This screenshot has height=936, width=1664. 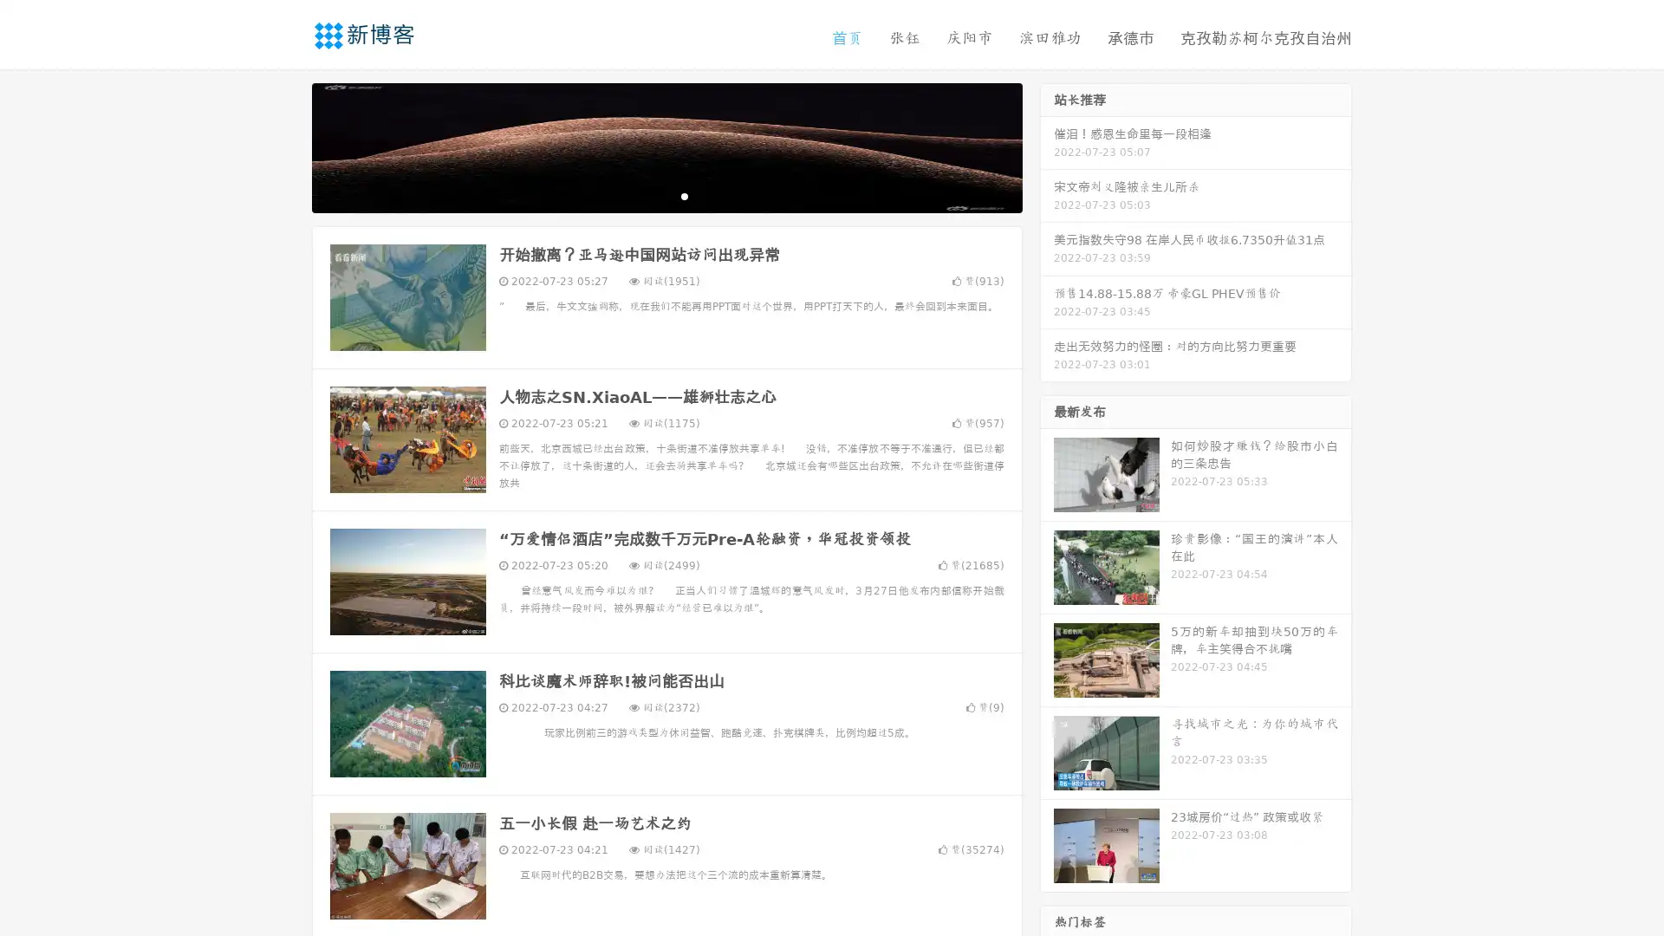 I want to click on Next slide, so click(x=1047, y=146).